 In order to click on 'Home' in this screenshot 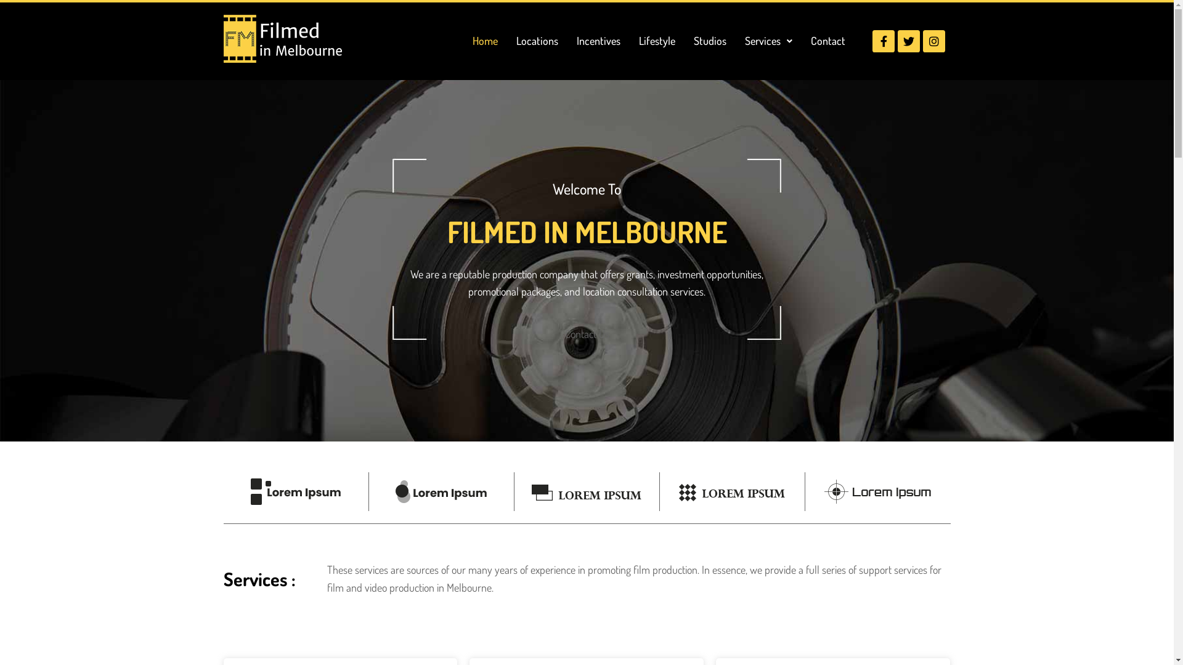, I will do `click(463, 40)`.